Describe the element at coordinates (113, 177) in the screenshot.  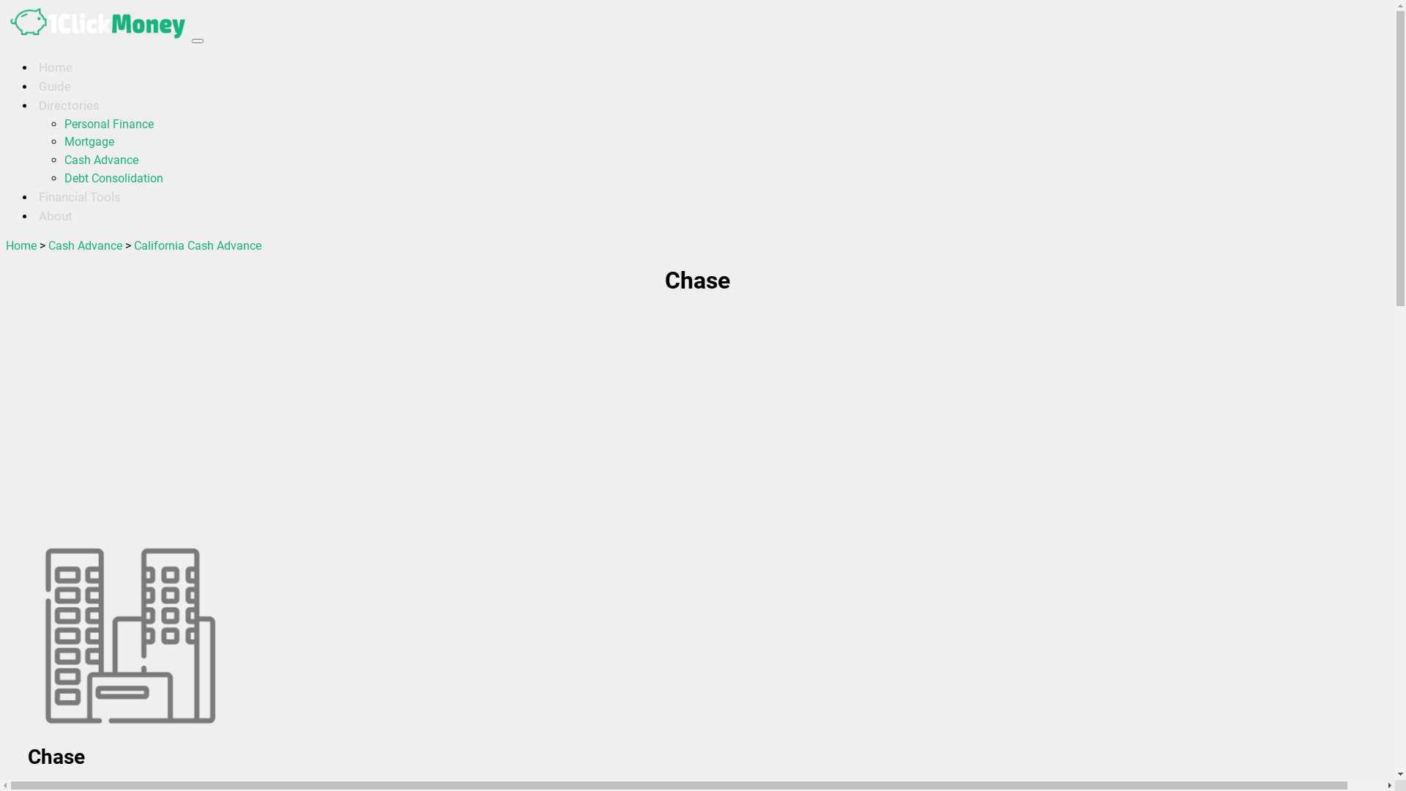
I see `'Debt Consolidation'` at that location.